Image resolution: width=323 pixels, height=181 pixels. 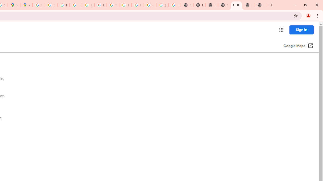 What do you see at coordinates (113, 5) in the screenshot?
I see `'YouTube'` at bounding box center [113, 5].